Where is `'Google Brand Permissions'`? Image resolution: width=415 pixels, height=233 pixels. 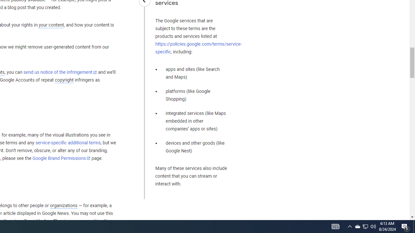
'Google Brand Permissions' is located at coordinates (61, 158).